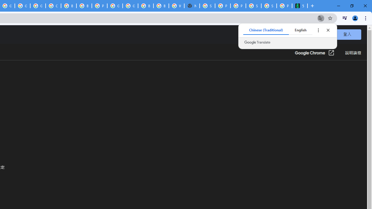 Image resolution: width=372 pixels, height=209 pixels. Describe the element at coordinates (69, 6) in the screenshot. I see `'Browse Chrome as a guest - Computer - Google Chrome Help'` at that location.